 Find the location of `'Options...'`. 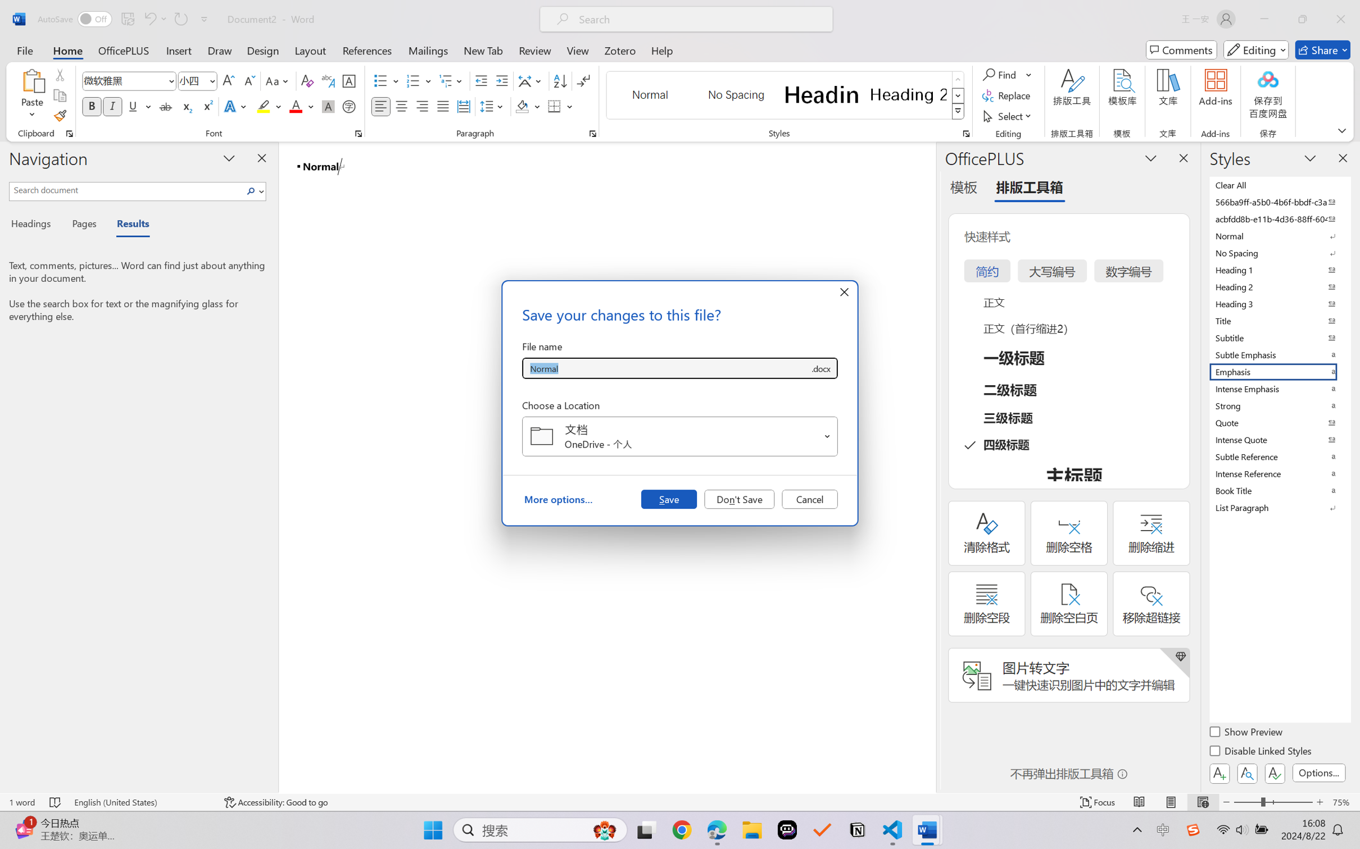

'Options...' is located at coordinates (1317, 772).